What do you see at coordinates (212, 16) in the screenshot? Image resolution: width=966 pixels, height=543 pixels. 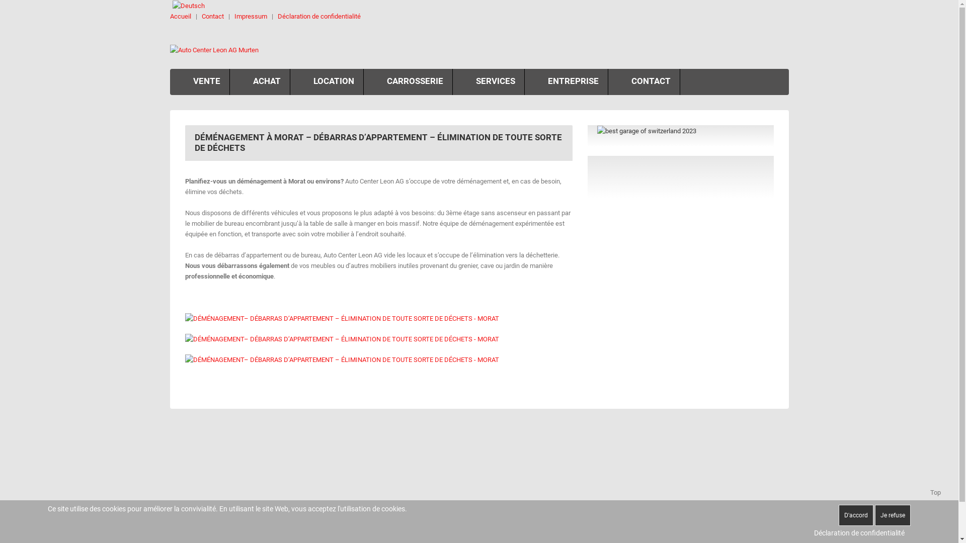 I see `'Contact'` at bounding box center [212, 16].